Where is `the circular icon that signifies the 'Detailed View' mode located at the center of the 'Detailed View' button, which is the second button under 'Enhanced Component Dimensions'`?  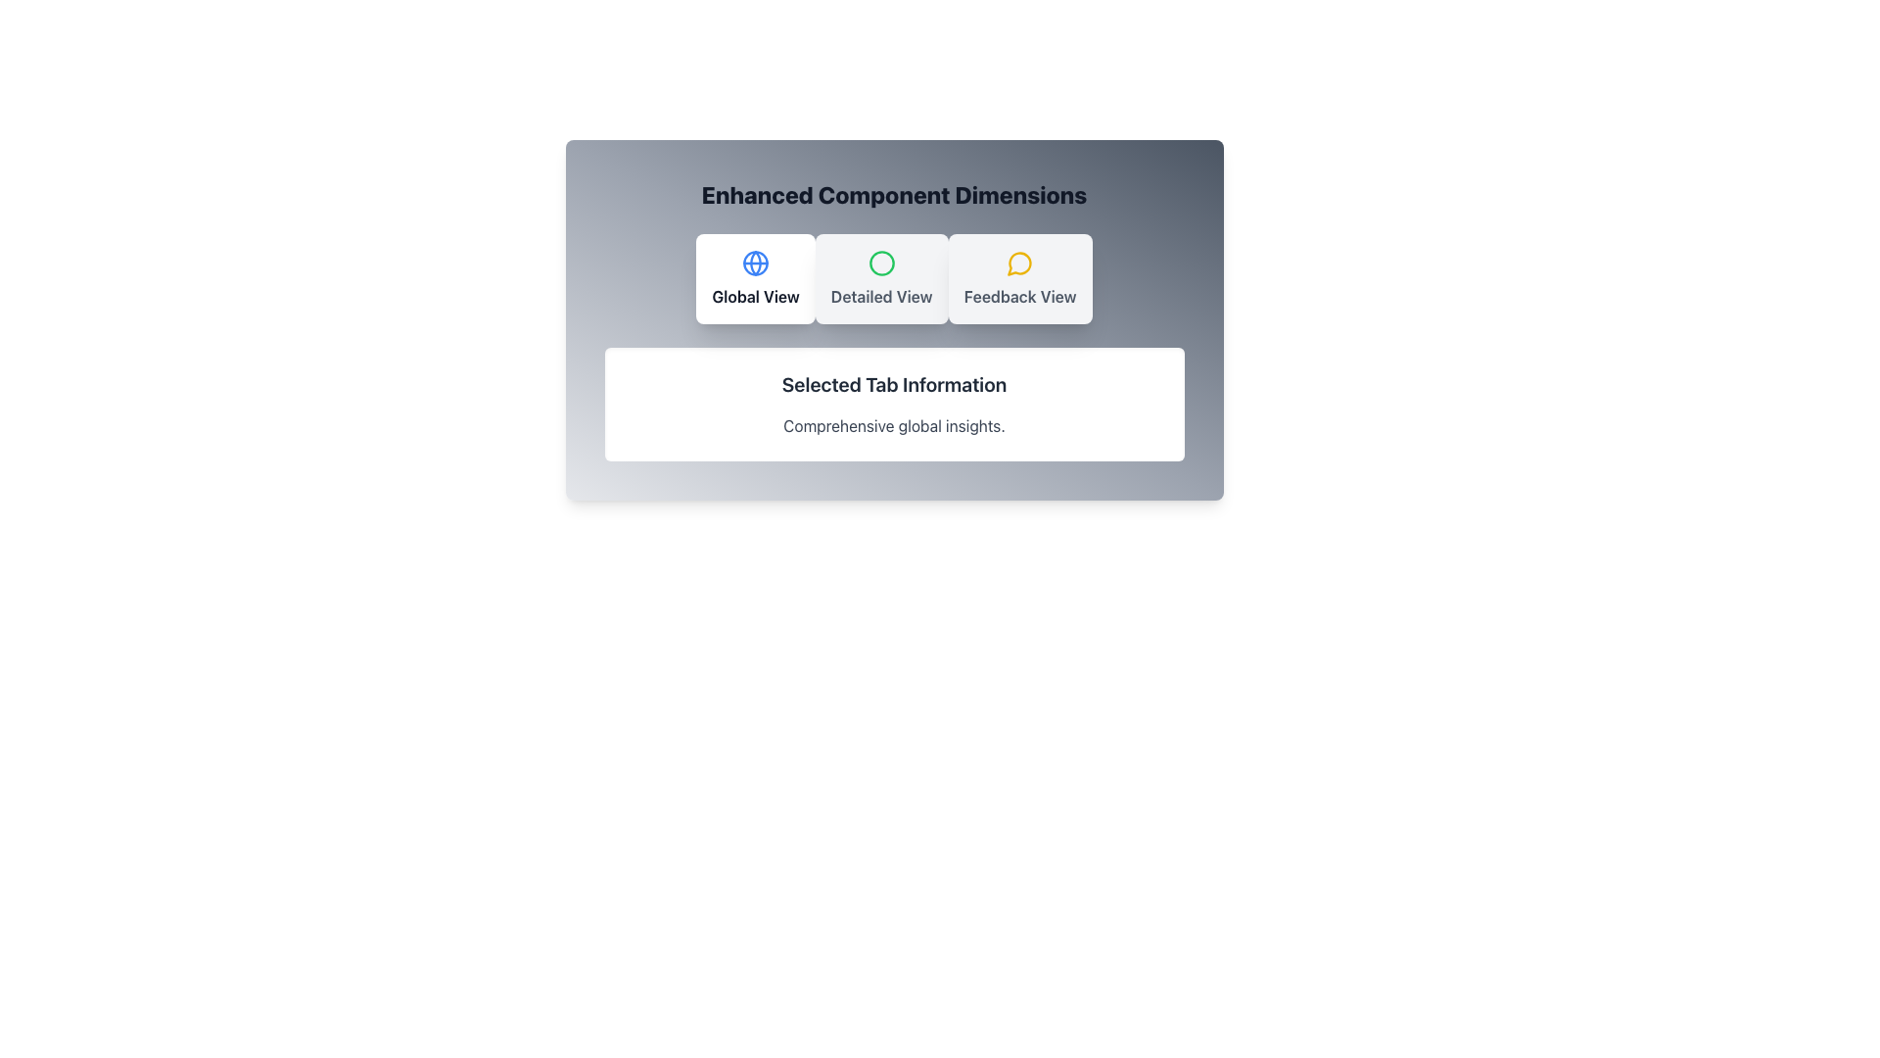 the circular icon that signifies the 'Detailed View' mode located at the center of the 'Detailed View' button, which is the second button under 'Enhanced Component Dimensions' is located at coordinates (880, 263).